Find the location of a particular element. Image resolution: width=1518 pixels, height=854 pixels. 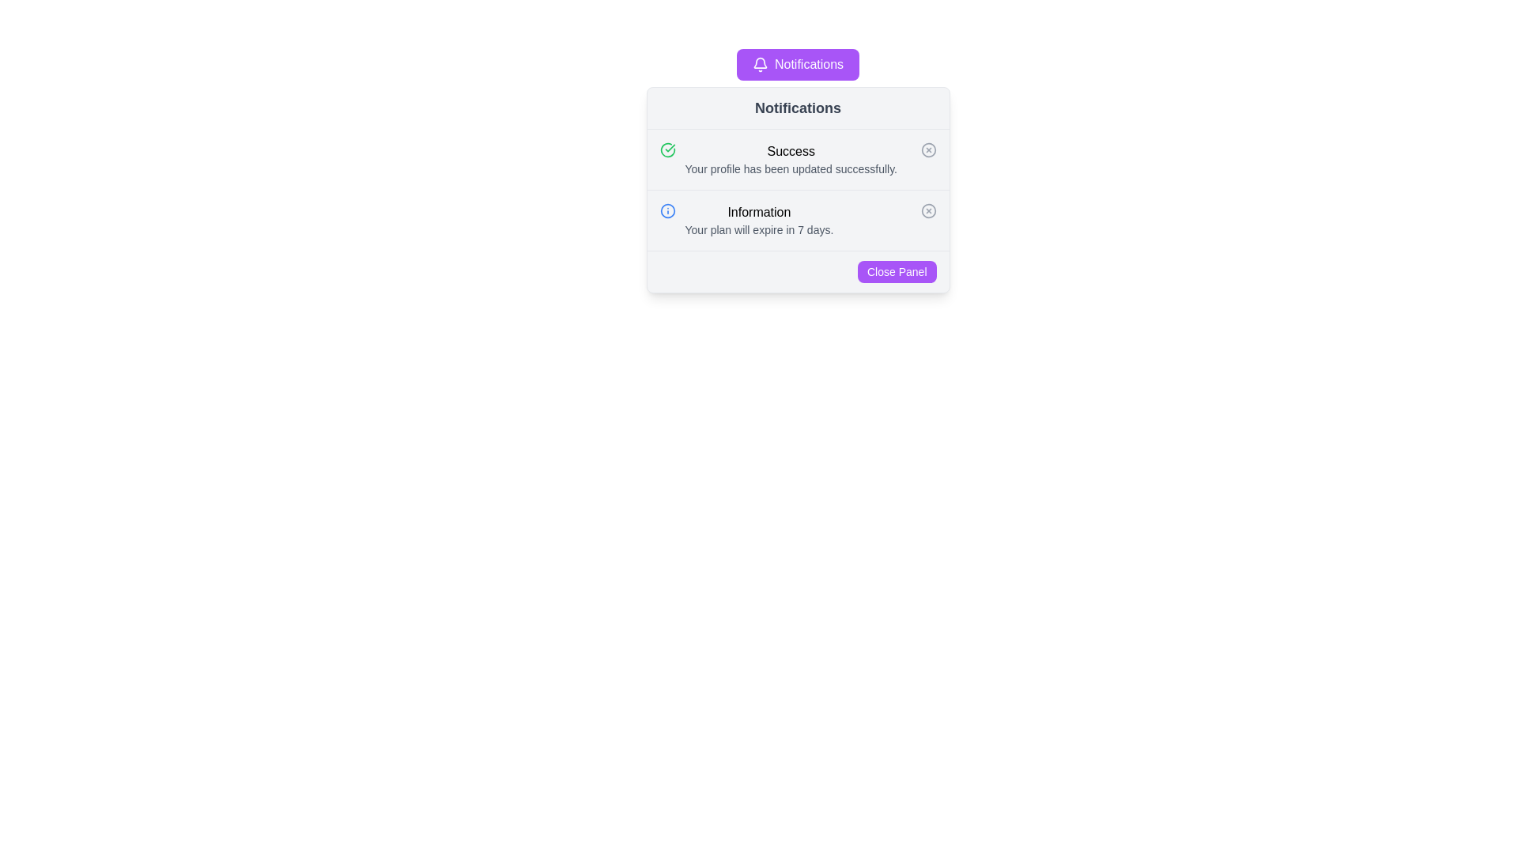

the close icon located on the rightmost part of the row containing the success message is located at coordinates (928, 149).